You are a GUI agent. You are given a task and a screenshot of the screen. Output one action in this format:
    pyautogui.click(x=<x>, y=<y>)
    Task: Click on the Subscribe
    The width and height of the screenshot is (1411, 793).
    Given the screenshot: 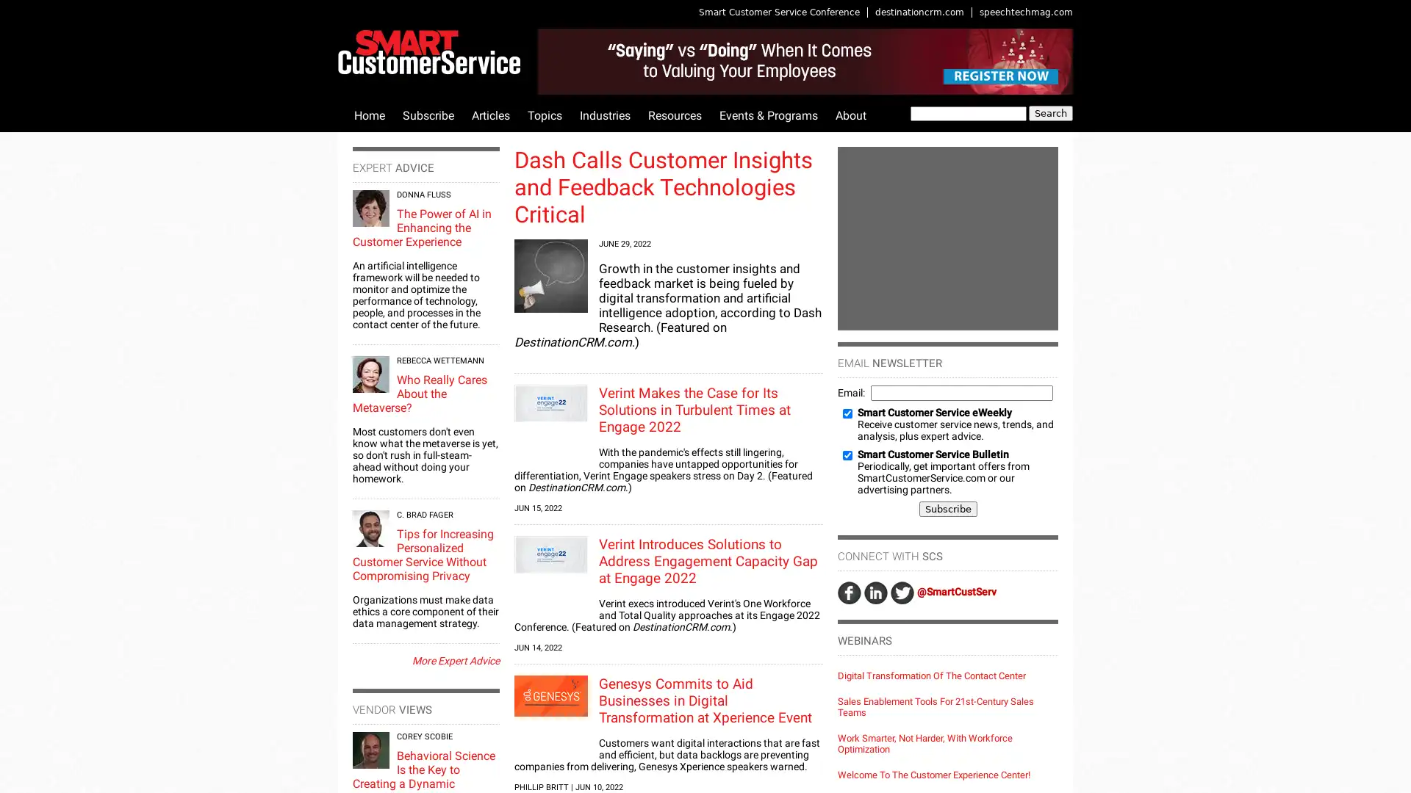 What is the action you would take?
    pyautogui.click(x=947, y=508)
    